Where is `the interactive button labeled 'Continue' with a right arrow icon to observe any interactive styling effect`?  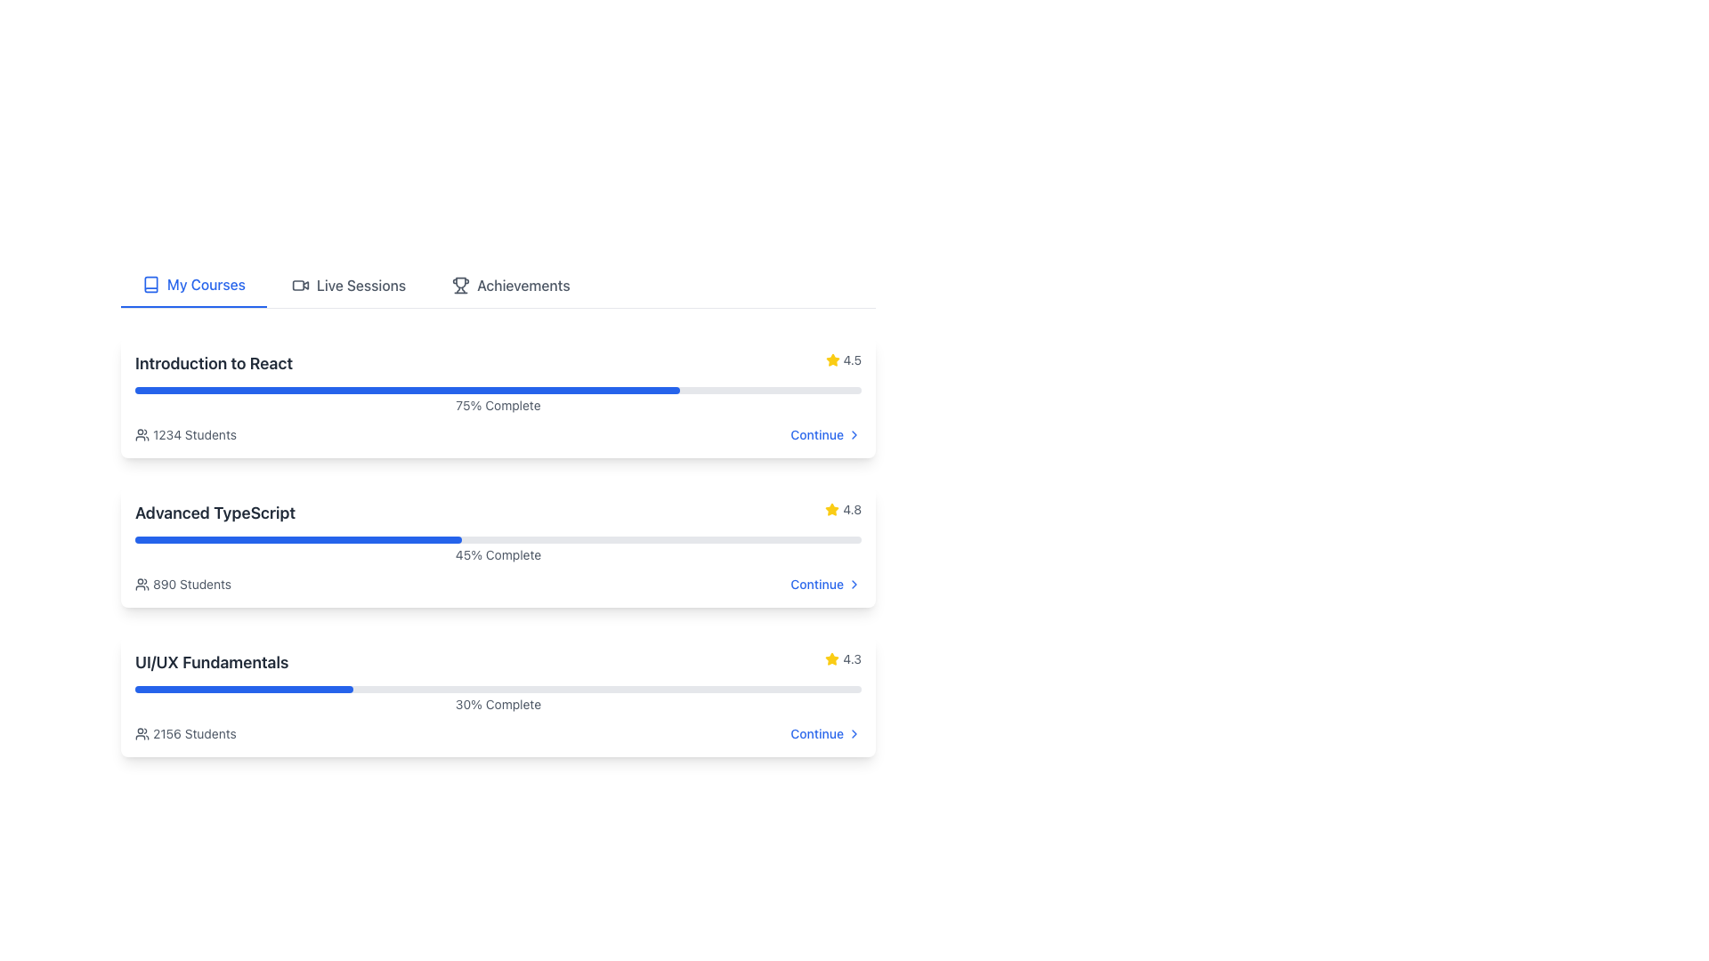
the interactive button labeled 'Continue' with a right arrow icon to observe any interactive styling effect is located at coordinates (825, 435).